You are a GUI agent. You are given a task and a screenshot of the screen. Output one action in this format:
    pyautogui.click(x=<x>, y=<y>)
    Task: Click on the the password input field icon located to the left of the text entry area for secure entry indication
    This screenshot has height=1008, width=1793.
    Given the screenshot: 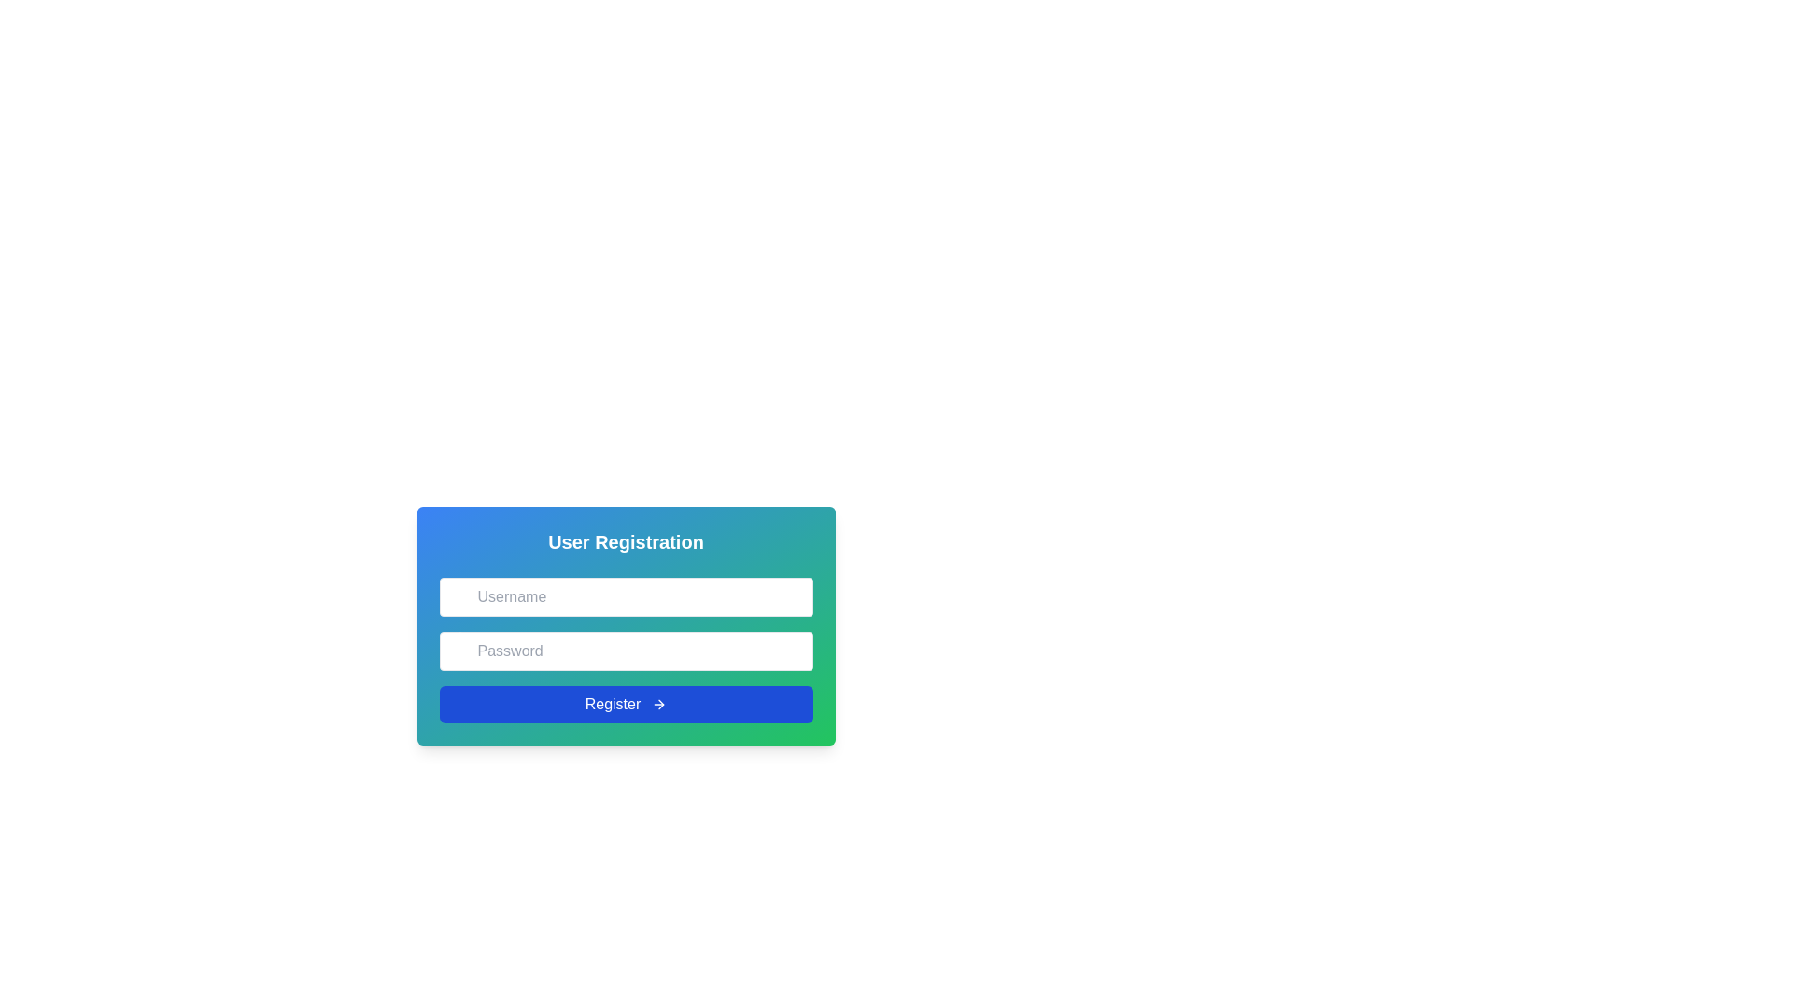 What is the action you would take?
    pyautogui.click(x=459, y=639)
    